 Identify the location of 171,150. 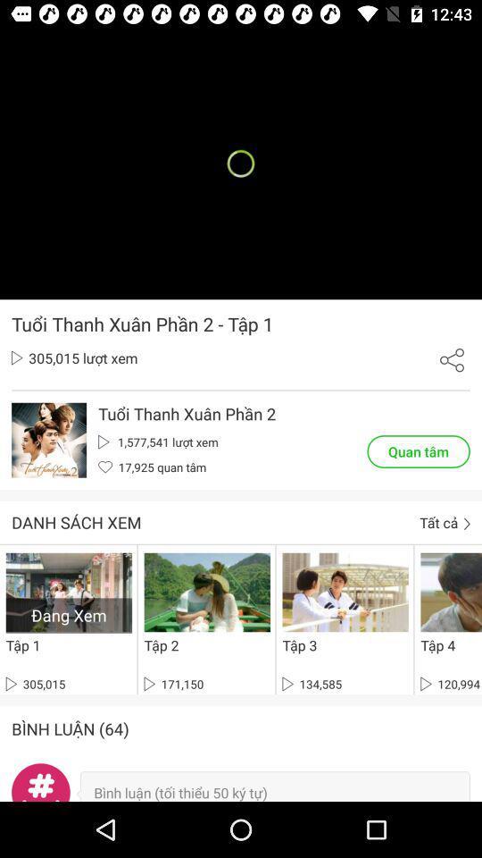
(173, 683).